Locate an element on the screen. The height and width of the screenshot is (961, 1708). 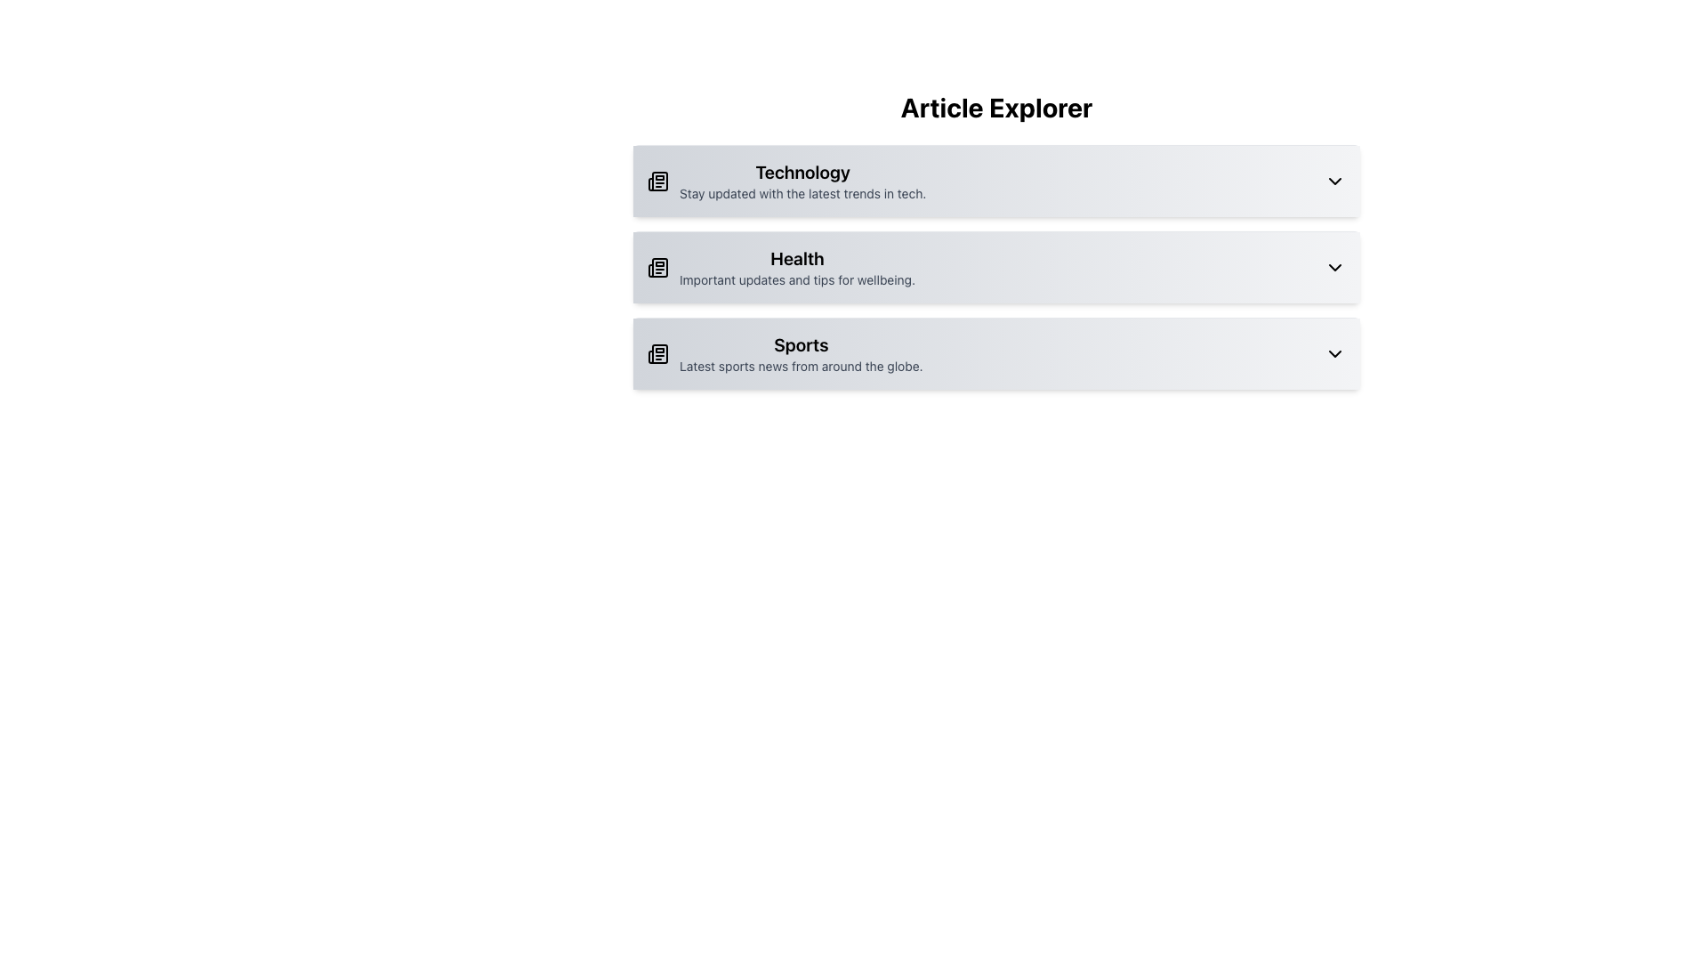
the newspaper icon located on the left side of the 'Sports' section, which features a minimalistic line art design in black on a white background is located at coordinates (657, 353).